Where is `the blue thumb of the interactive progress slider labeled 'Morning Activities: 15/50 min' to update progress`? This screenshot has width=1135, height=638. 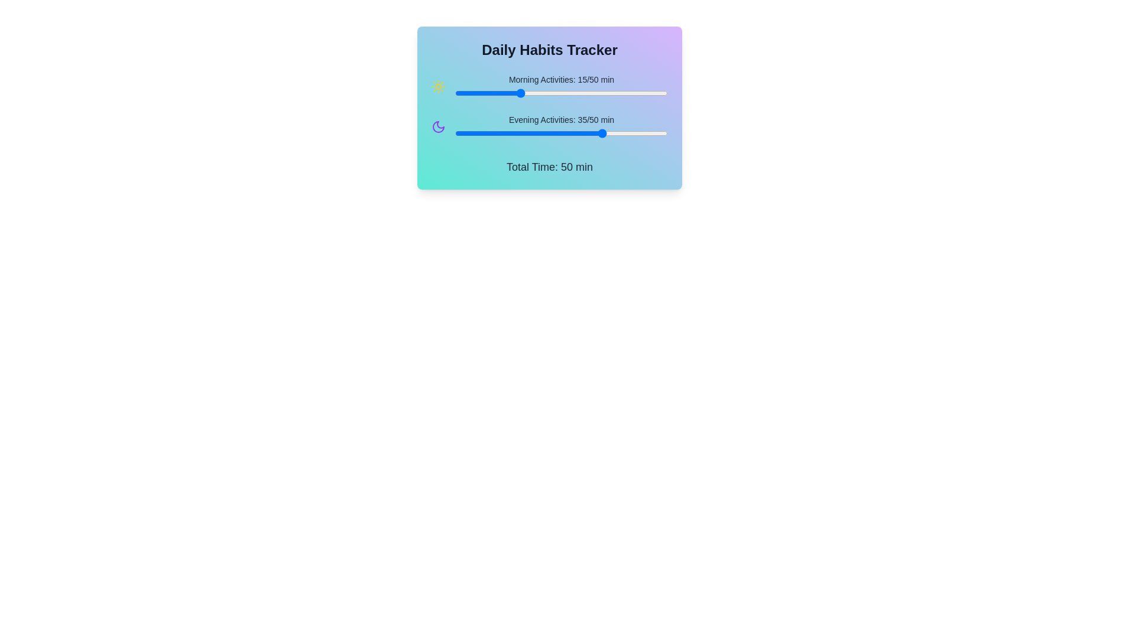 the blue thumb of the interactive progress slider labeled 'Morning Activities: 15/50 min' to update progress is located at coordinates (561, 86).